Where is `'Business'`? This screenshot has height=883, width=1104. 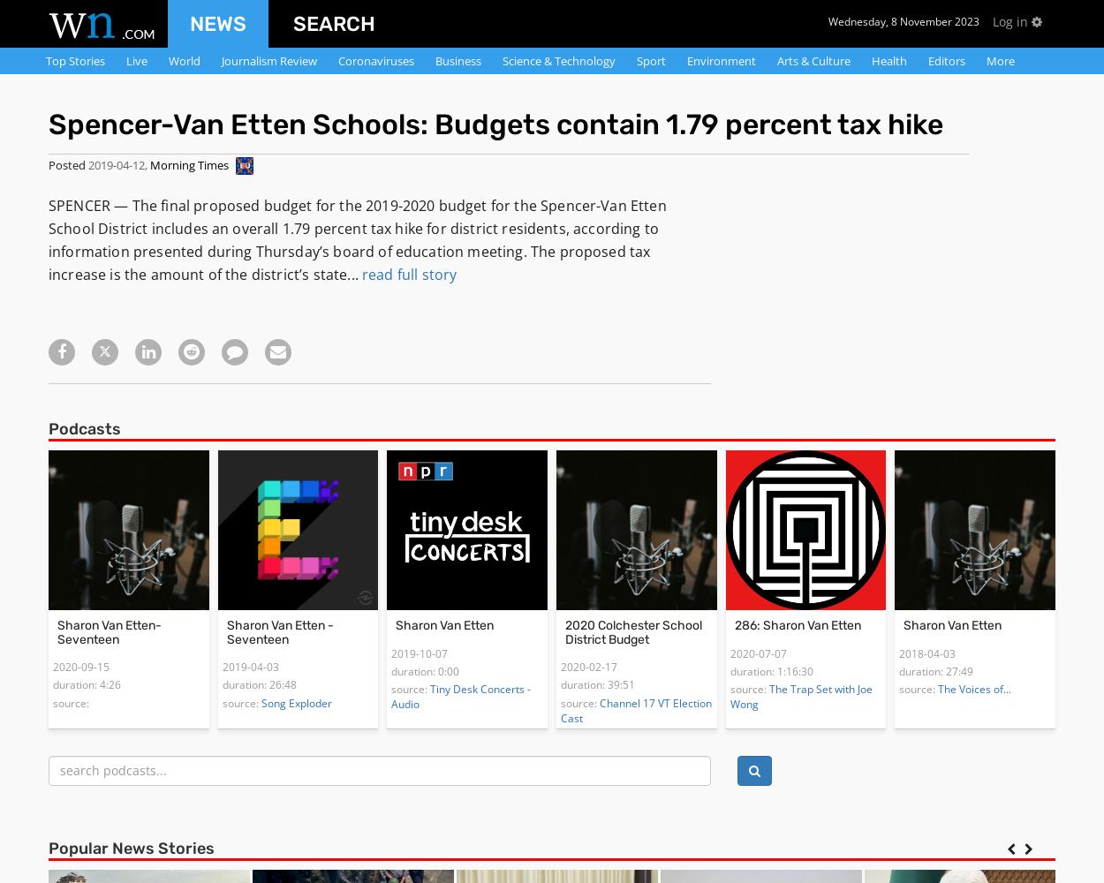 'Business' is located at coordinates (458, 60).